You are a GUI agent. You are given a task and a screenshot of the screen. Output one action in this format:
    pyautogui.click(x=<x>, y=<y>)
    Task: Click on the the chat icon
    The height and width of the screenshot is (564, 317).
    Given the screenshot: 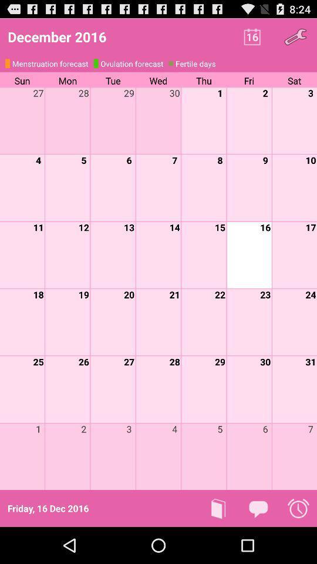 What is the action you would take?
    pyautogui.click(x=258, y=544)
    